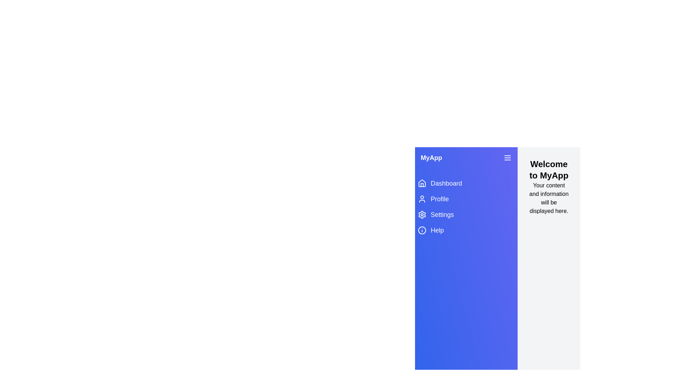 The height and width of the screenshot is (384, 684). What do you see at coordinates (466, 214) in the screenshot?
I see `the menu item labeled Settings` at bounding box center [466, 214].